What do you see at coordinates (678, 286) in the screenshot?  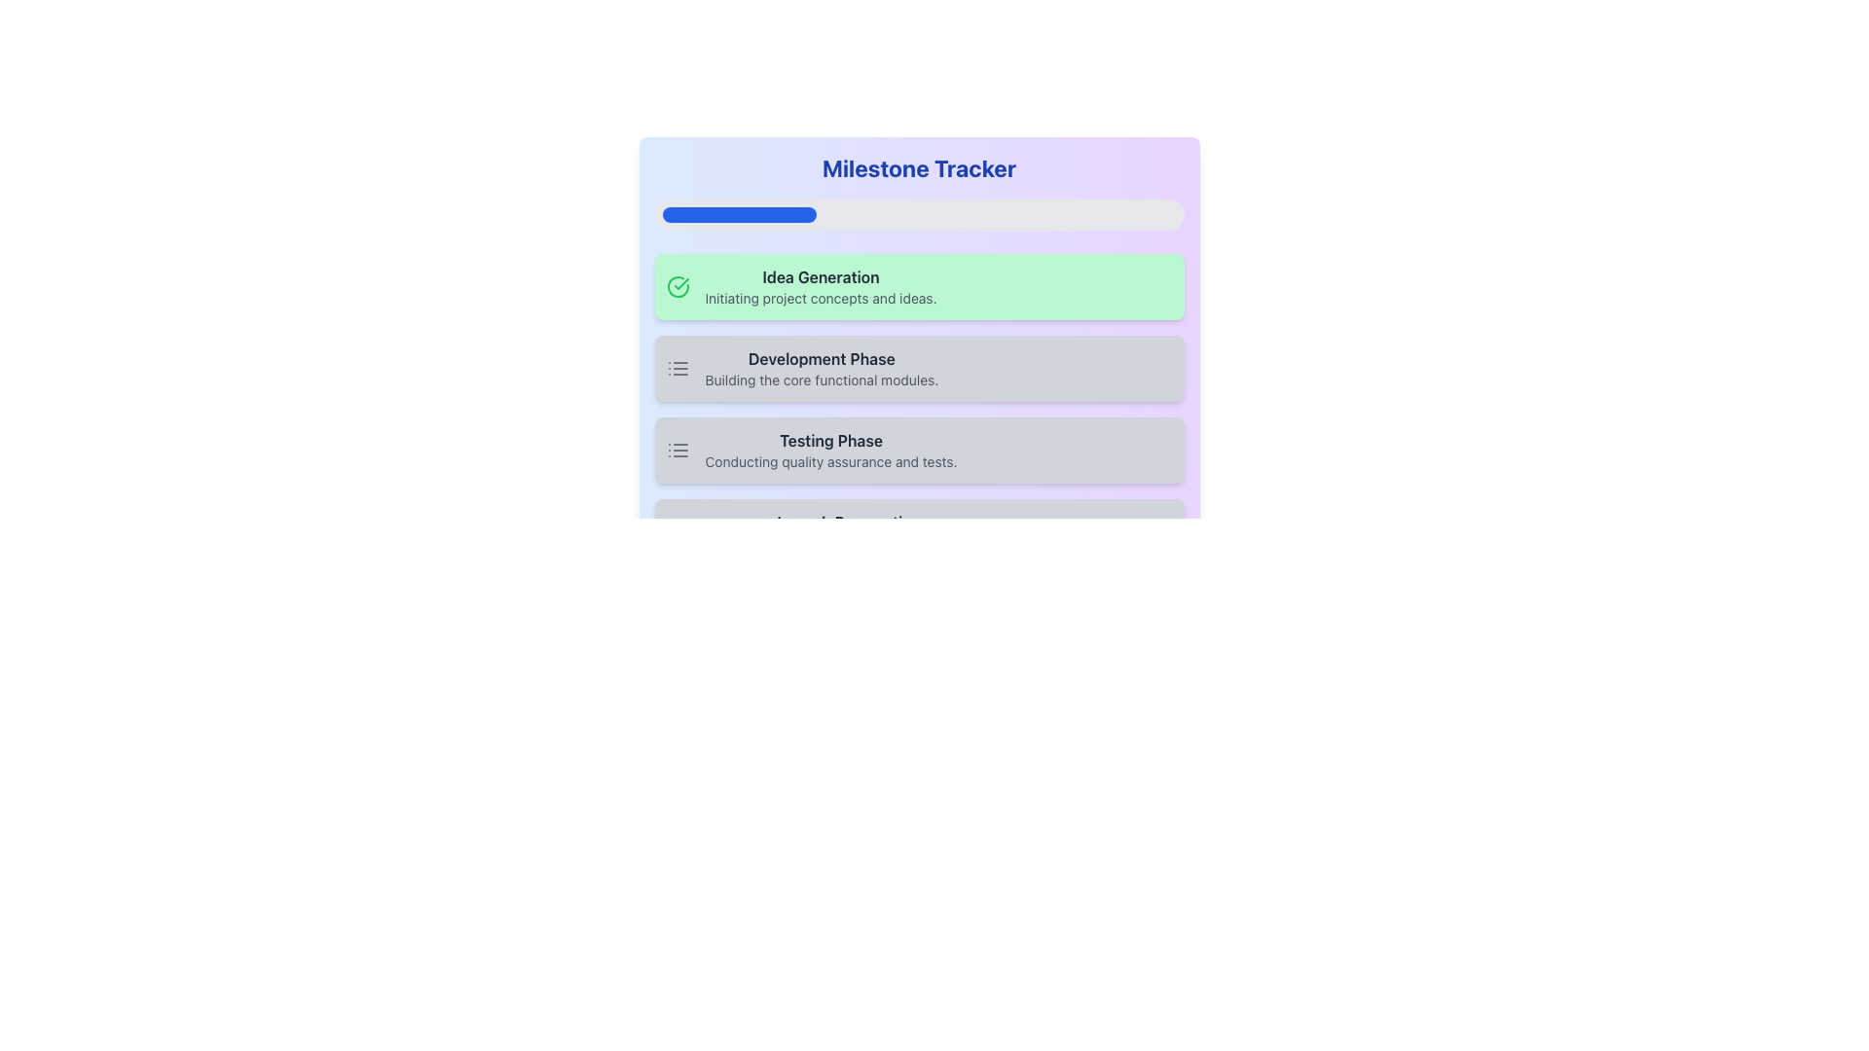 I see `the topmost part of the icon that indicates visual completion status for 'Idea Generation'` at bounding box center [678, 286].